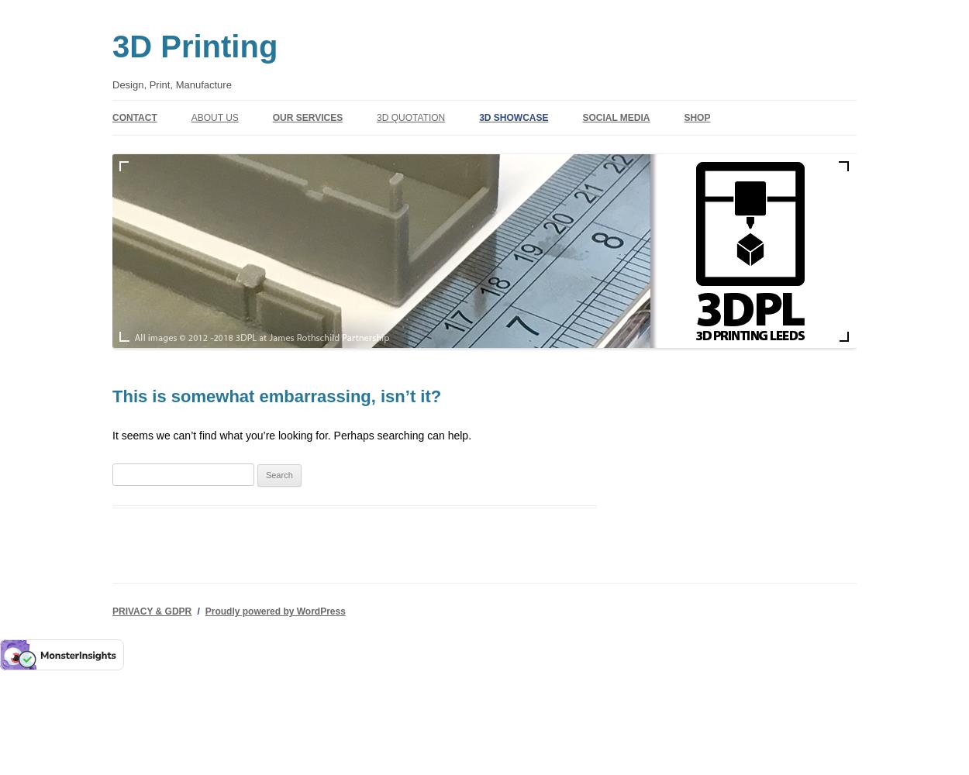 Image resolution: width=969 pixels, height=775 pixels. I want to click on 'SOCIAL MEDIA', so click(616, 117).